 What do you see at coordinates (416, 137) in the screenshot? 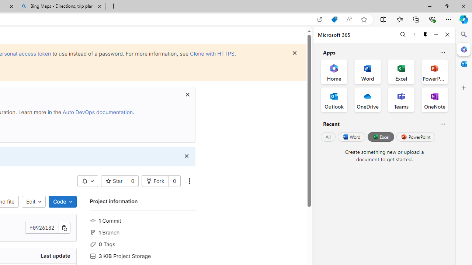
I see `'PowerPoint'` at bounding box center [416, 137].